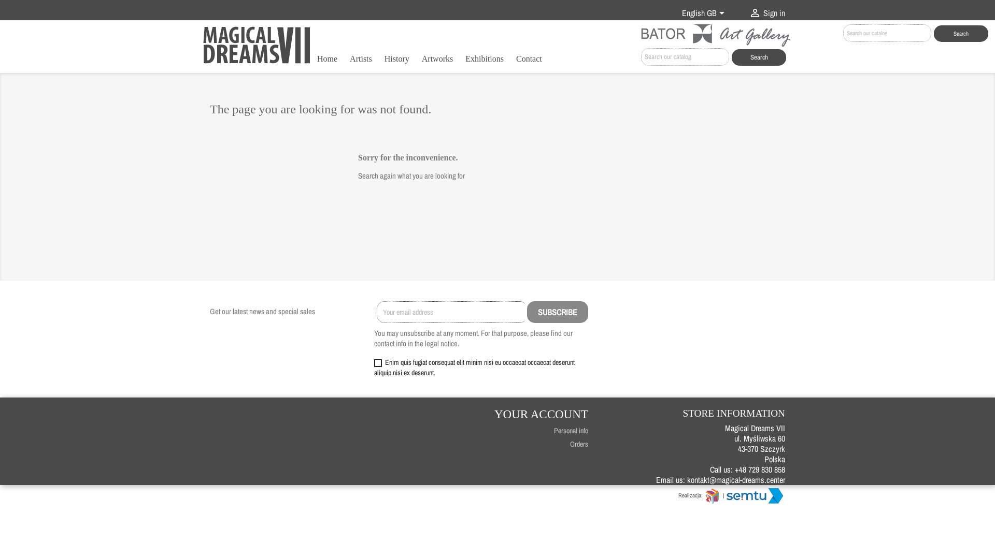 The image size is (995, 559). What do you see at coordinates (571, 431) in the screenshot?
I see `'Personal info'` at bounding box center [571, 431].